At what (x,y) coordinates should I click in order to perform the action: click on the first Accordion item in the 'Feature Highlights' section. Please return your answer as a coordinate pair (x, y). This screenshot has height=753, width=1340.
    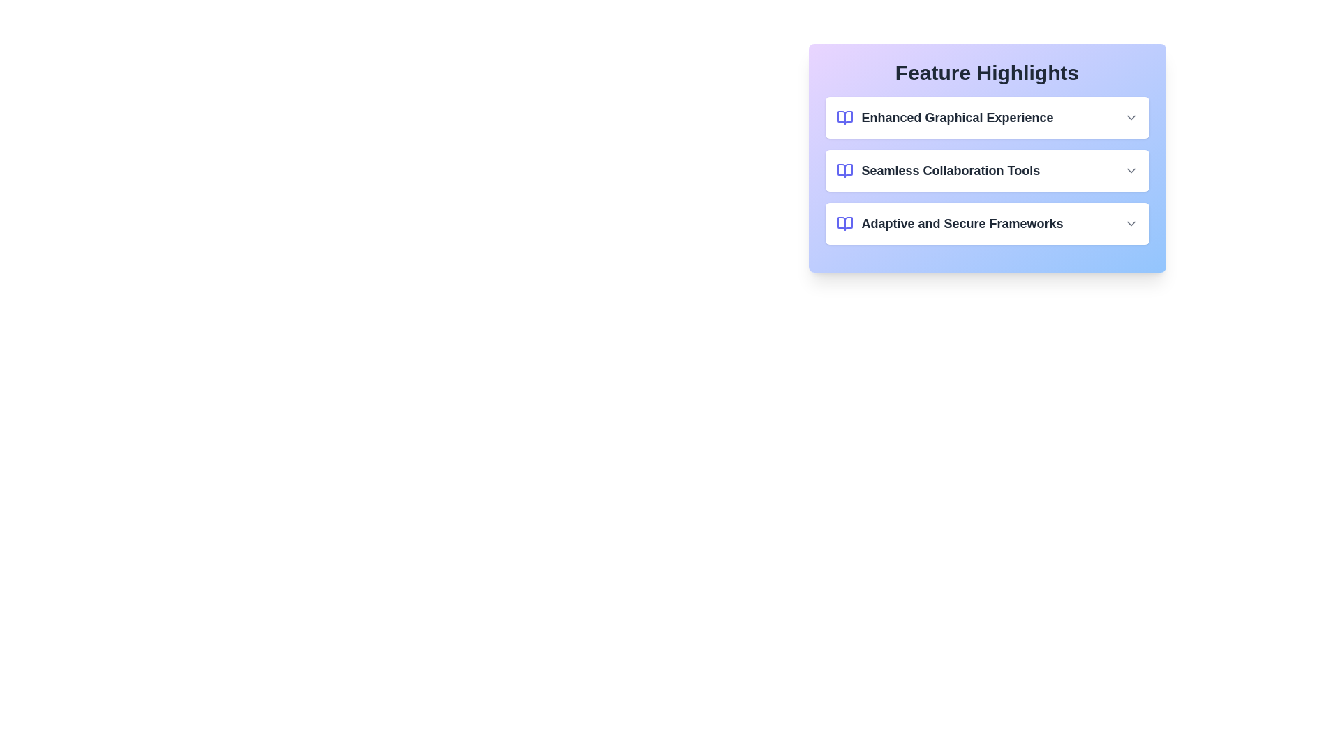
    Looking at the image, I should click on (986, 117).